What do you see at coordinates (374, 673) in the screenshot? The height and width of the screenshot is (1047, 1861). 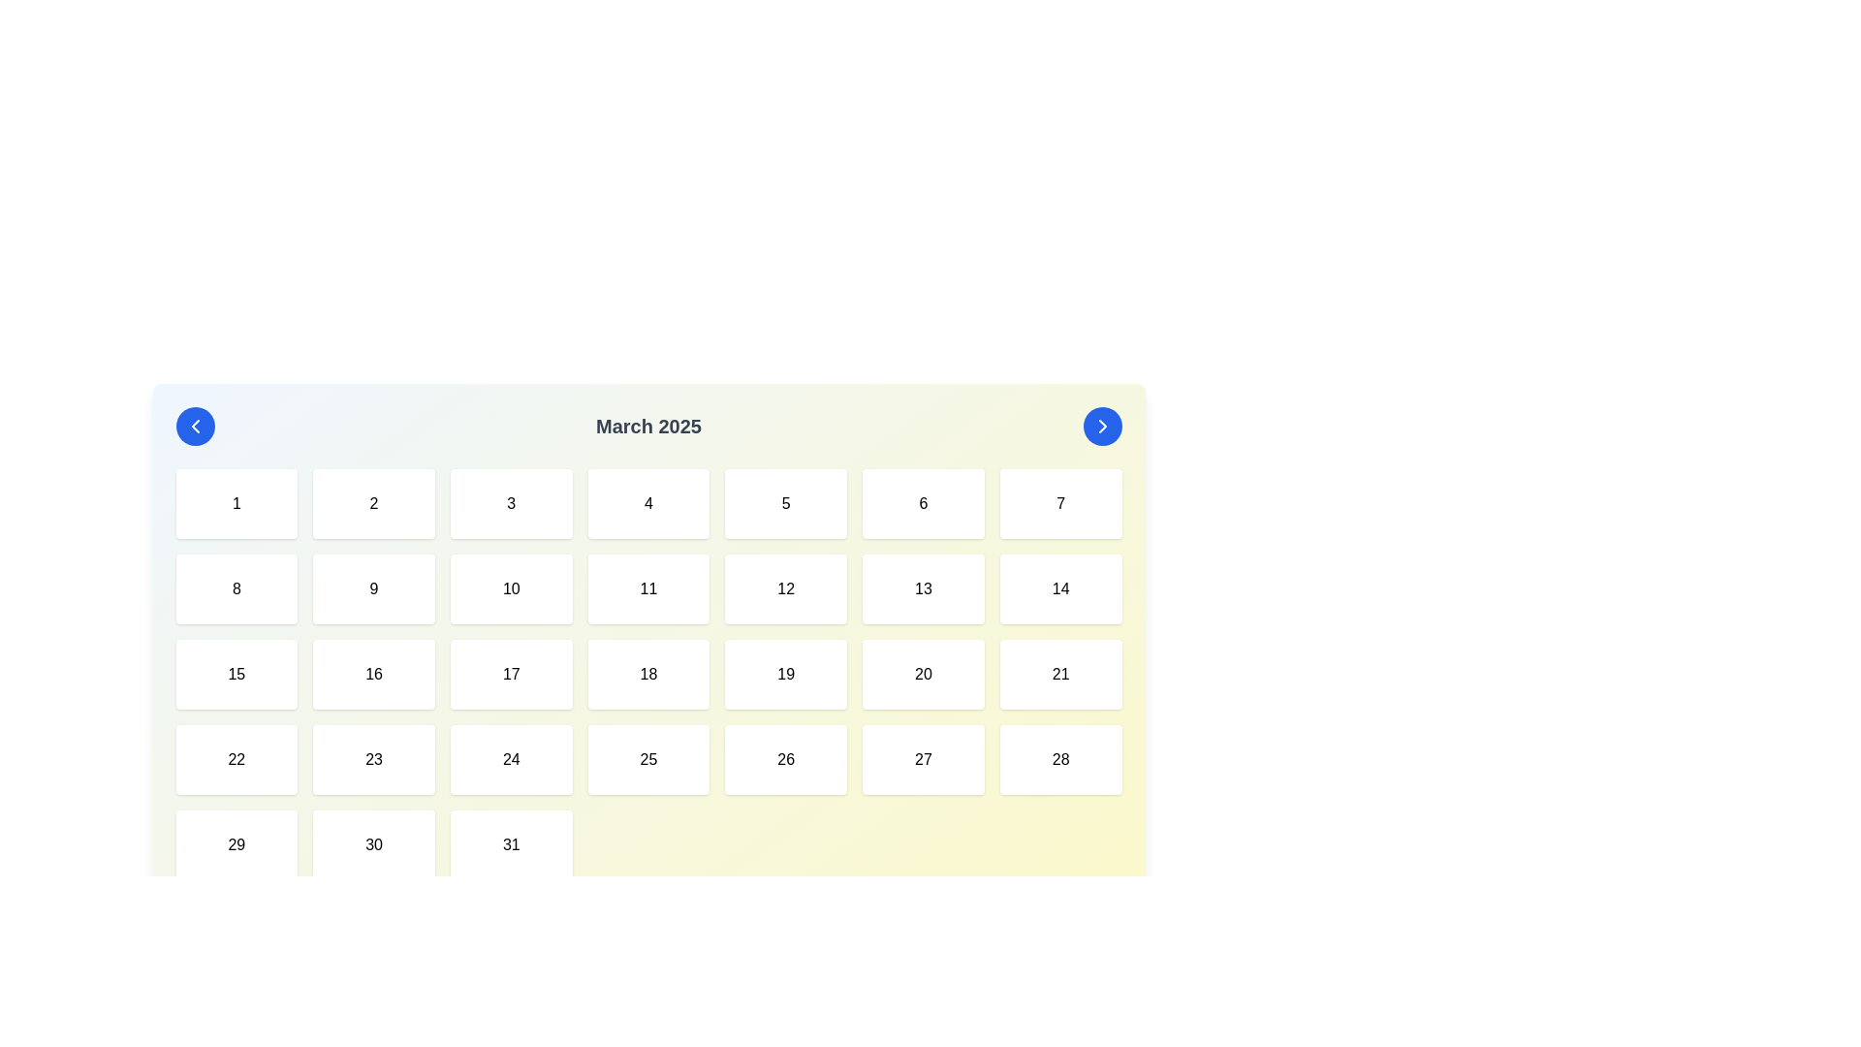 I see `the square-shaped button with the number '16' centered inside` at bounding box center [374, 673].